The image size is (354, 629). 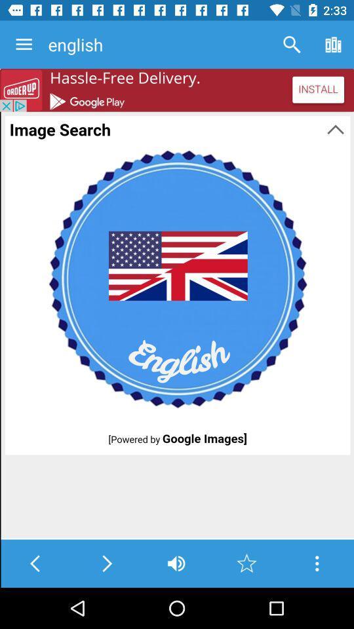 What do you see at coordinates (35, 563) in the screenshot?
I see `the arrow_backward icon` at bounding box center [35, 563].